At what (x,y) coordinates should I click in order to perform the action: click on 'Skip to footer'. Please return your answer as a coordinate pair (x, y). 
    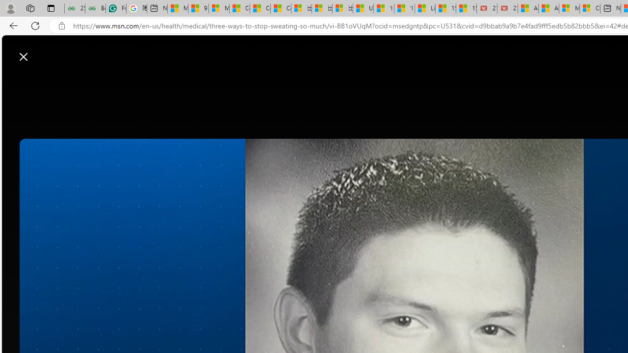
    Looking at the image, I should click on (40, 51).